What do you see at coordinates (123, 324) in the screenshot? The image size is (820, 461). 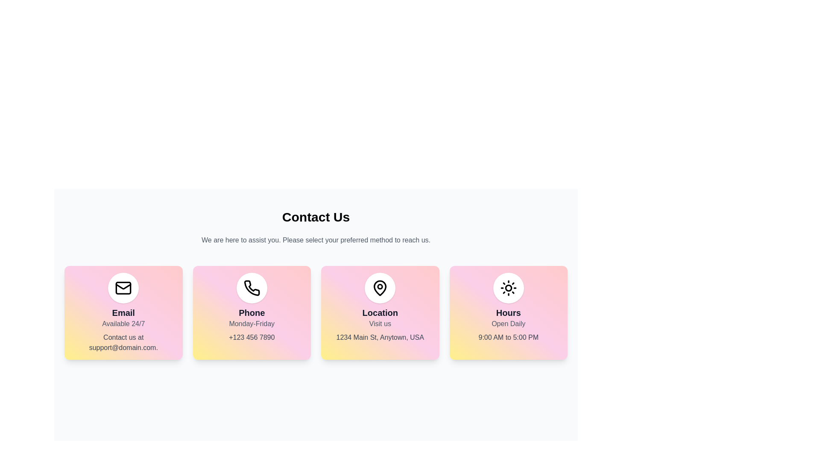 I see `the text element displaying 'Available 24/7', which is positioned below the 'Email' text and above the 'Contact us at' text` at bounding box center [123, 324].